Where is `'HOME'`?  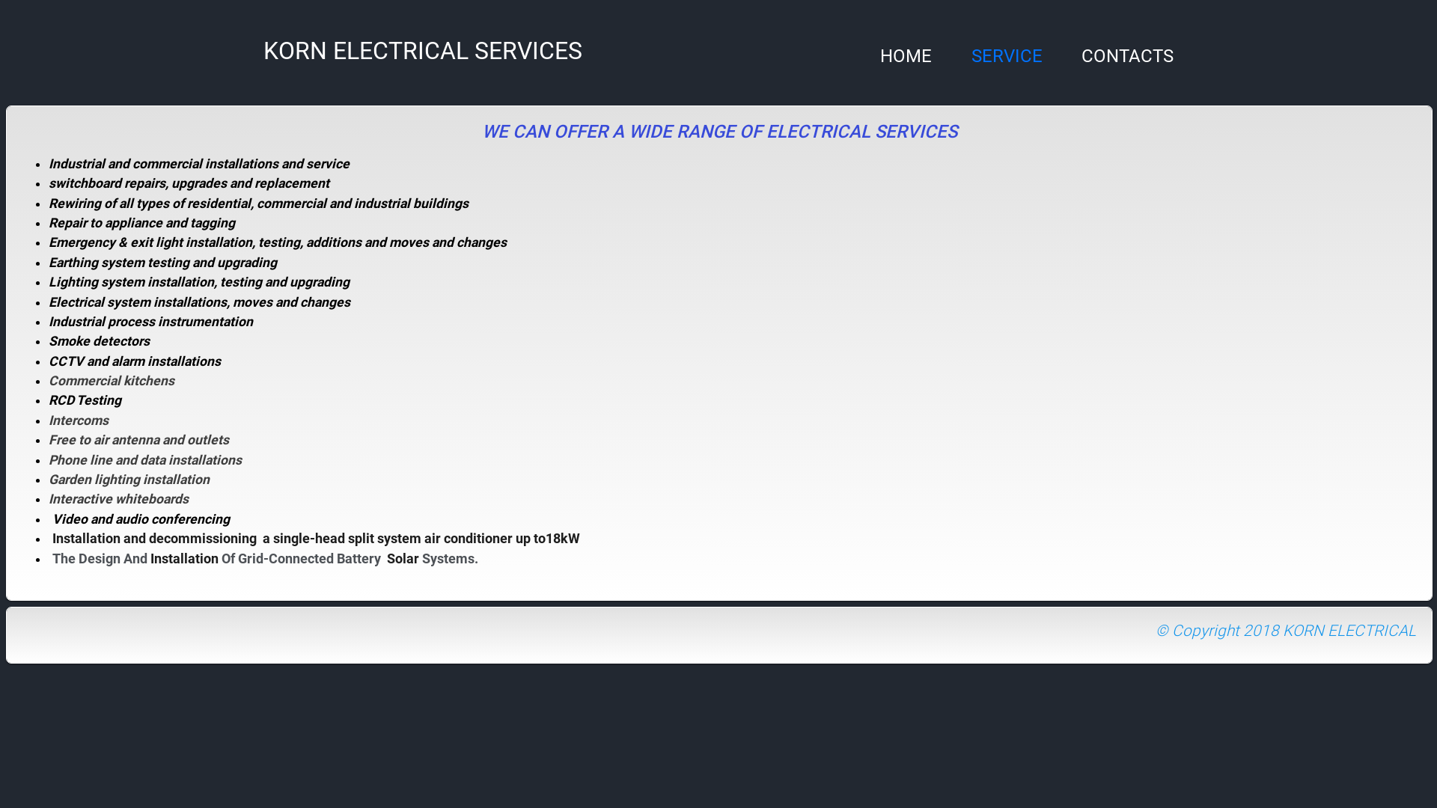
'HOME' is located at coordinates (905, 55).